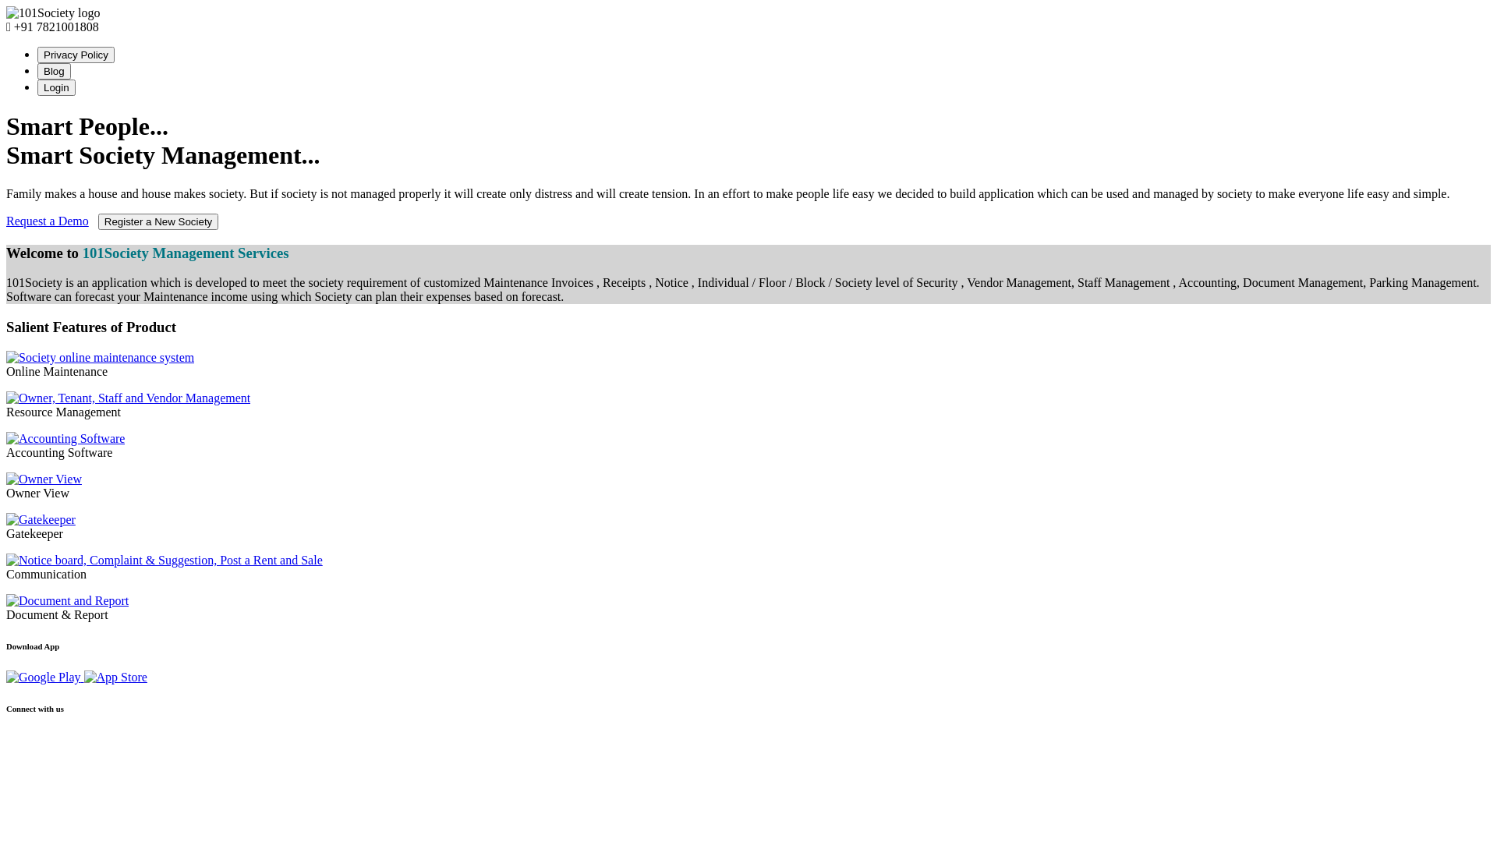  What do you see at coordinates (37, 87) in the screenshot?
I see `'Login'` at bounding box center [37, 87].